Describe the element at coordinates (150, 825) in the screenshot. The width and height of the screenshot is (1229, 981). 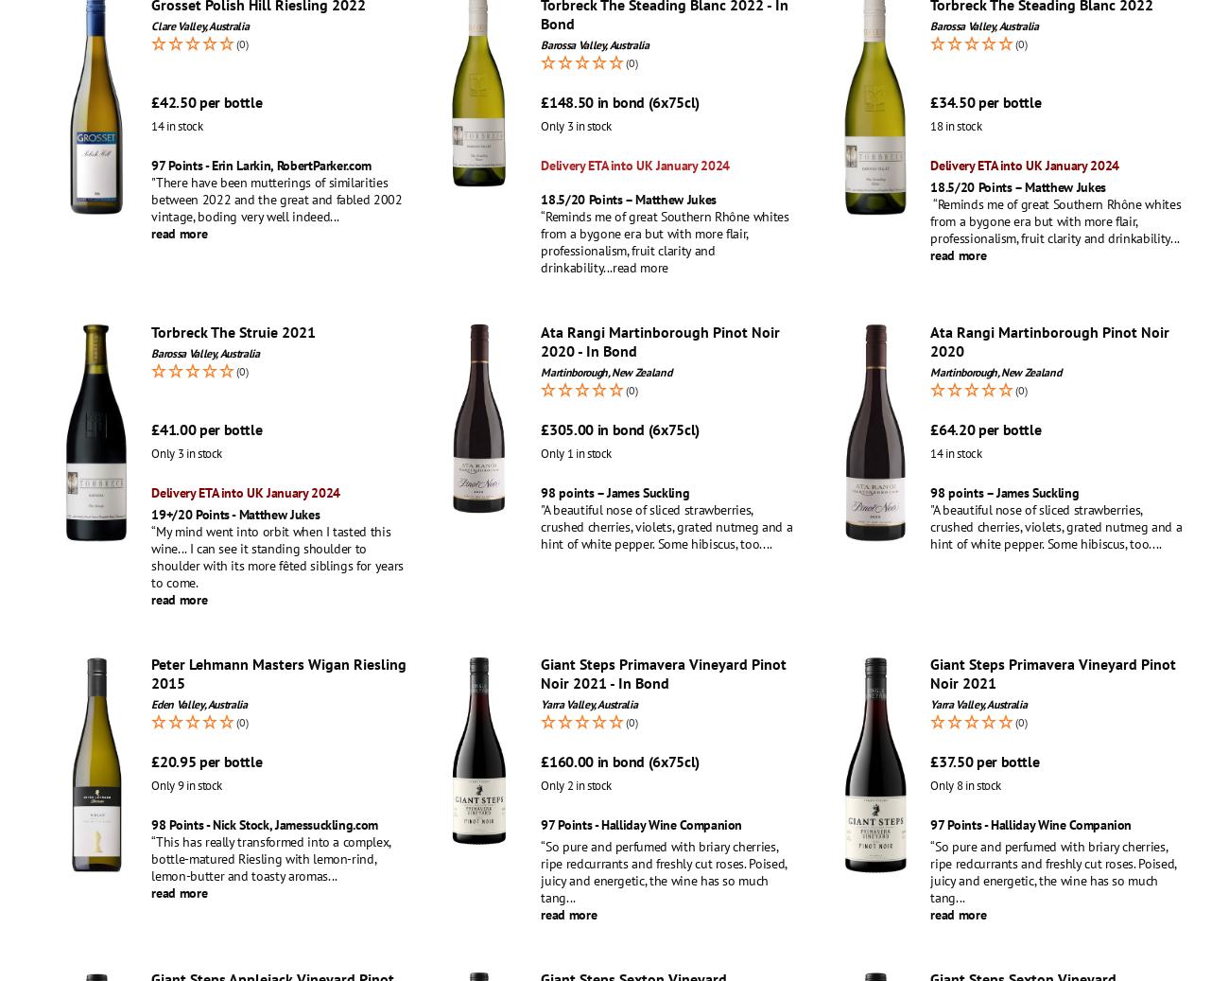
I see `'98 Points - Nick Stock, Jamessuckling.com'` at that location.